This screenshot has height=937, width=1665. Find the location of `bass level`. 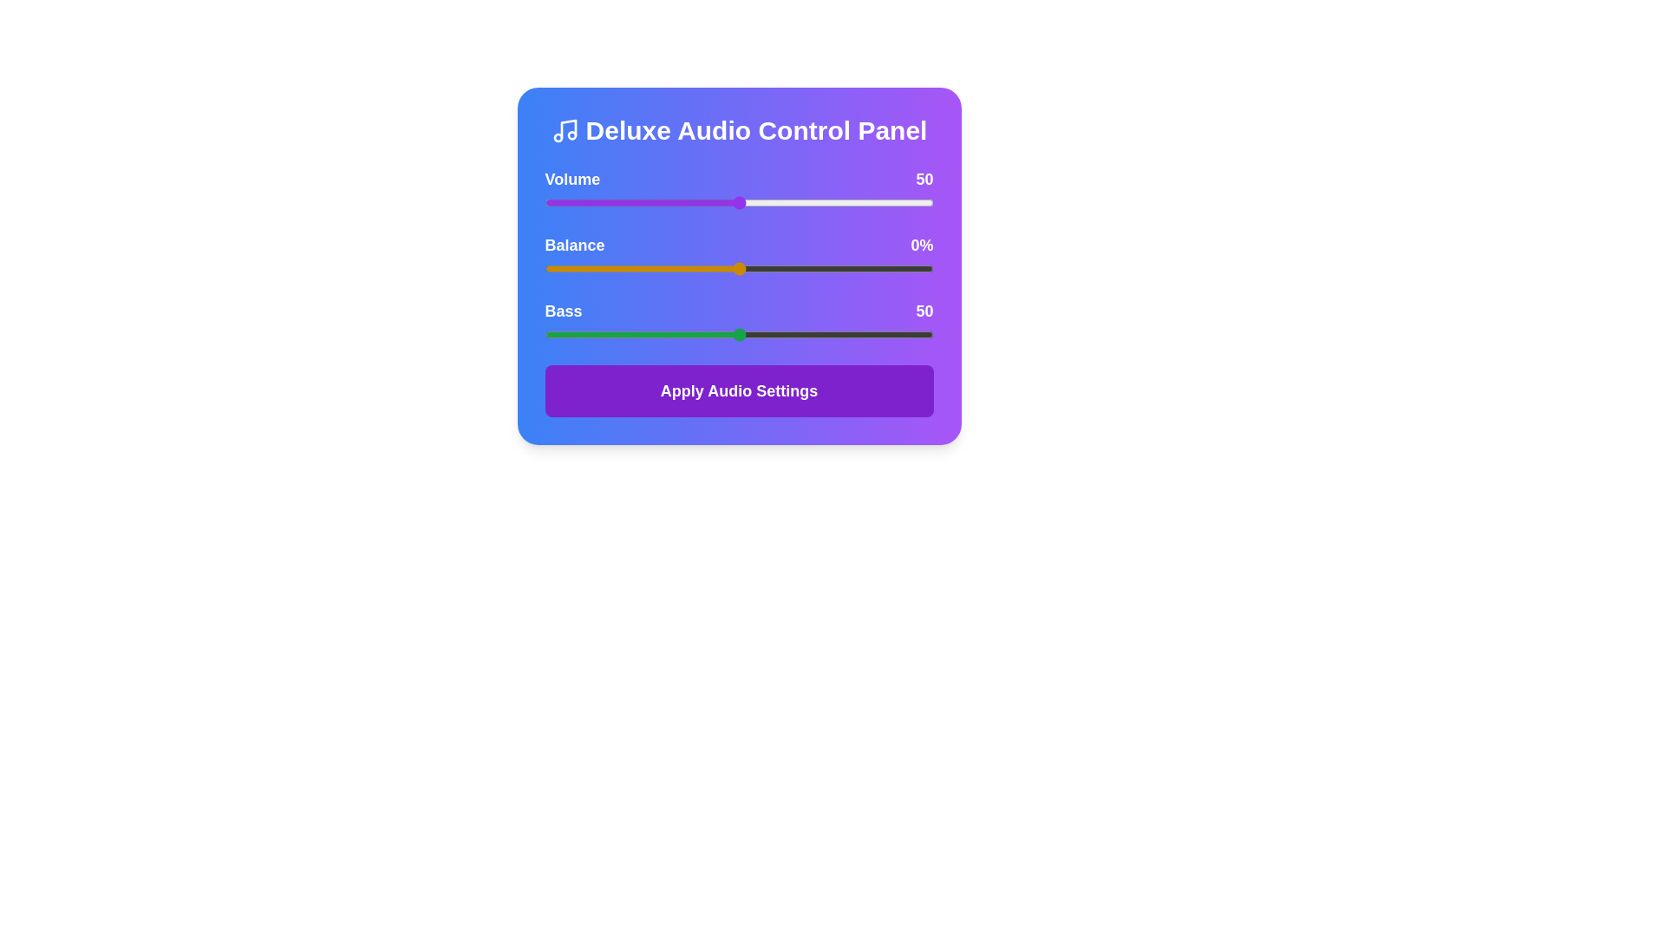

bass level is located at coordinates (769, 334).